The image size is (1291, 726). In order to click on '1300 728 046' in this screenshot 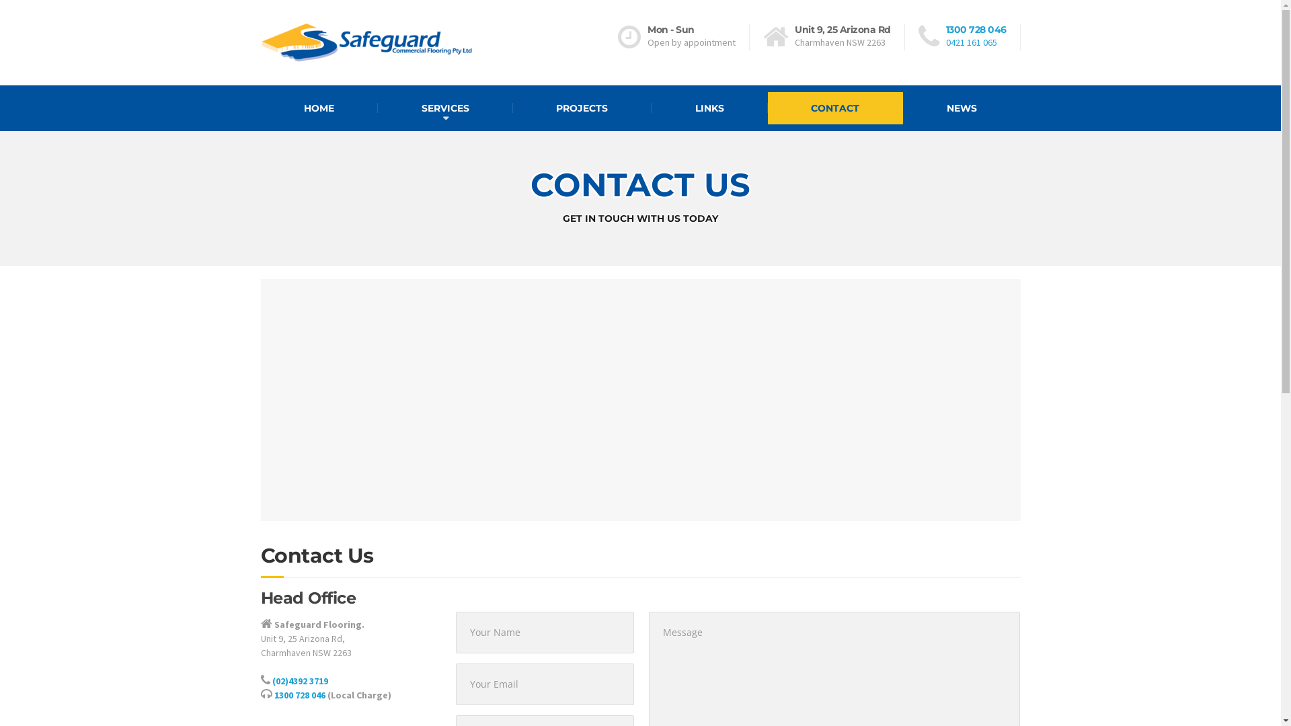, I will do `click(299, 694)`.